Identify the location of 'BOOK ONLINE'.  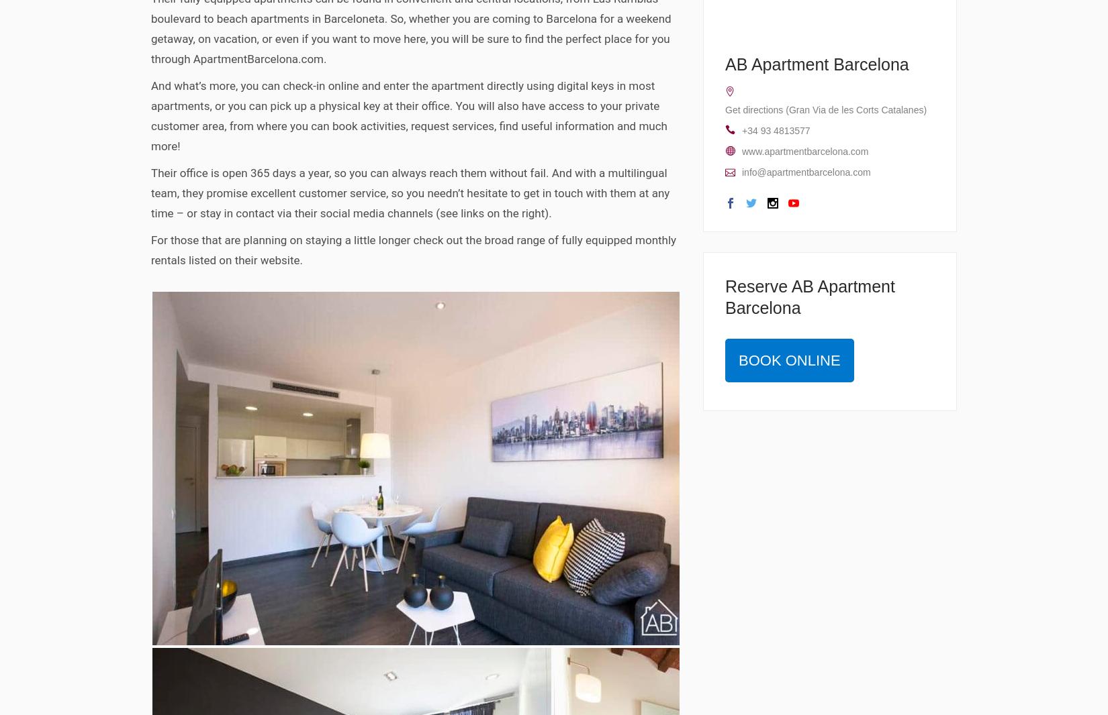
(789, 359).